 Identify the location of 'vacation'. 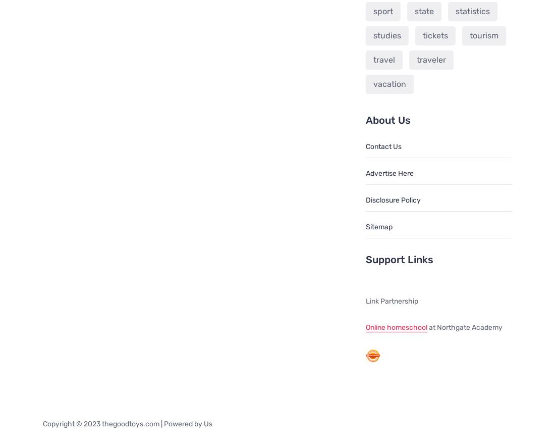
(389, 83).